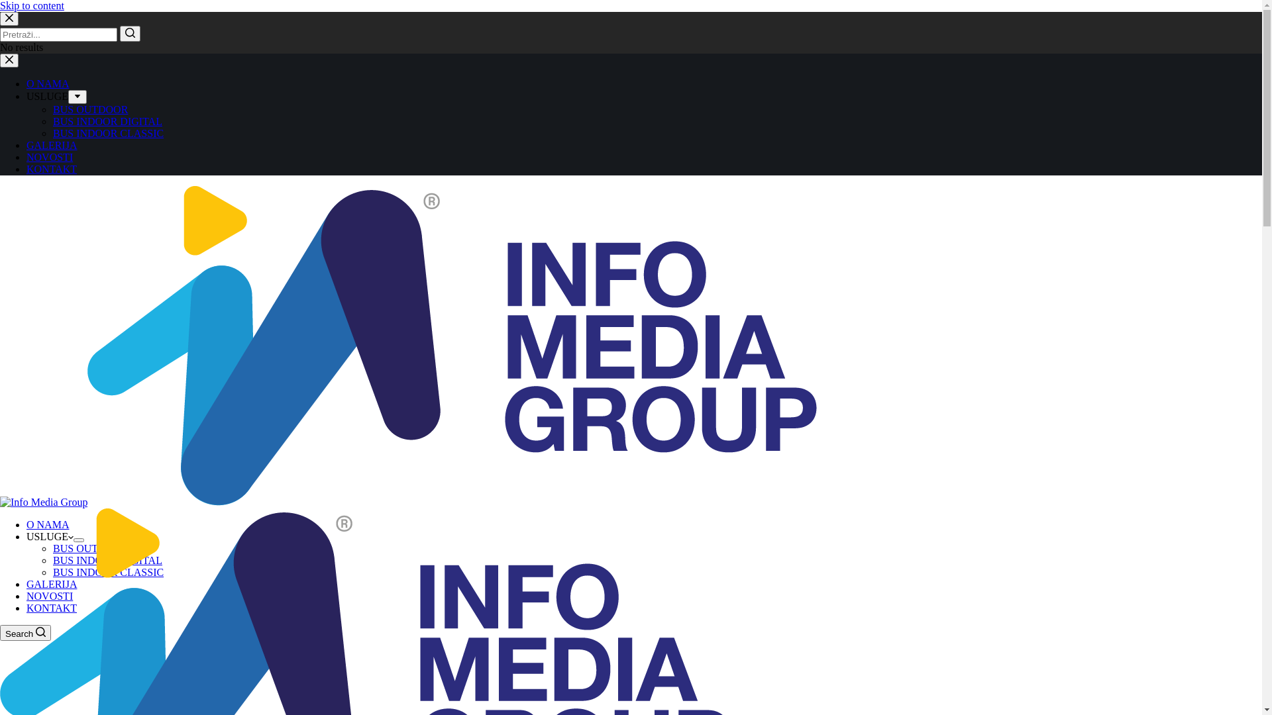 Image resolution: width=1272 pixels, height=715 pixels. What do you see at coordinates (89, 548) in the screenshot?
I see `'BUS OUTDOOR'` at bounding box center [89, 548].